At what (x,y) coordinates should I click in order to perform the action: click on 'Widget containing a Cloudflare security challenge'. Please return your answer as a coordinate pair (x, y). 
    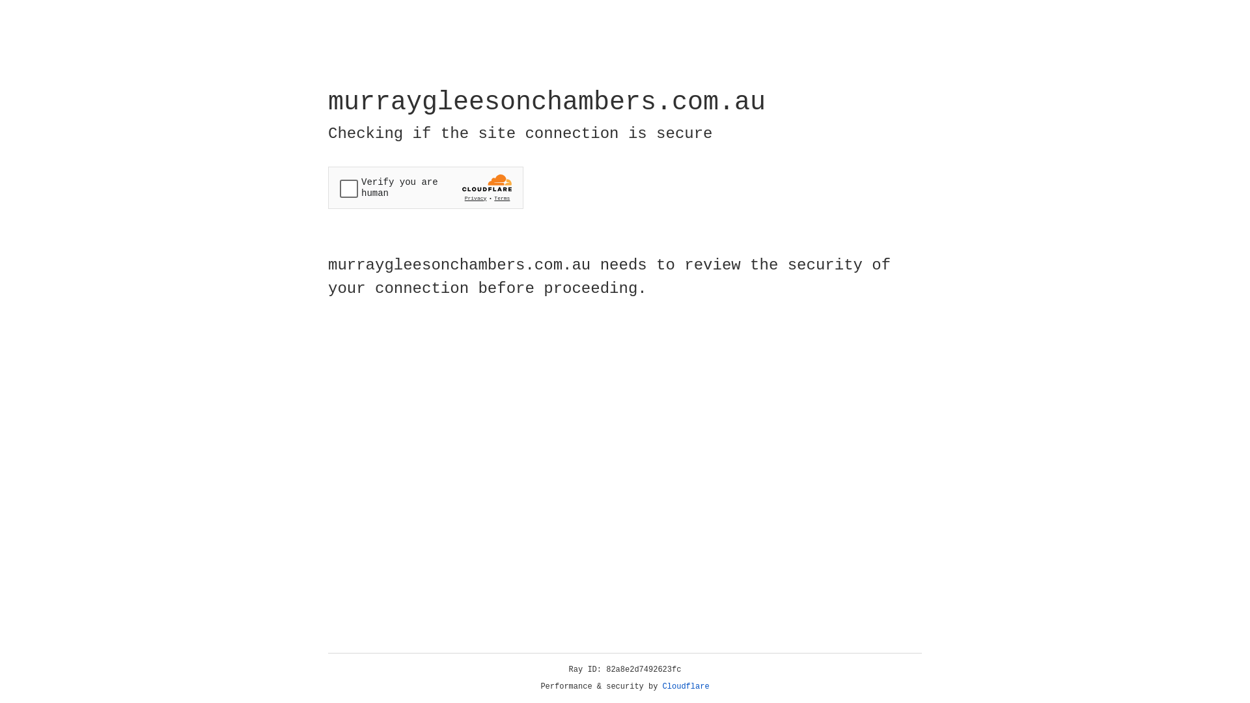
    Looking at the image, I should click on (425, 187).